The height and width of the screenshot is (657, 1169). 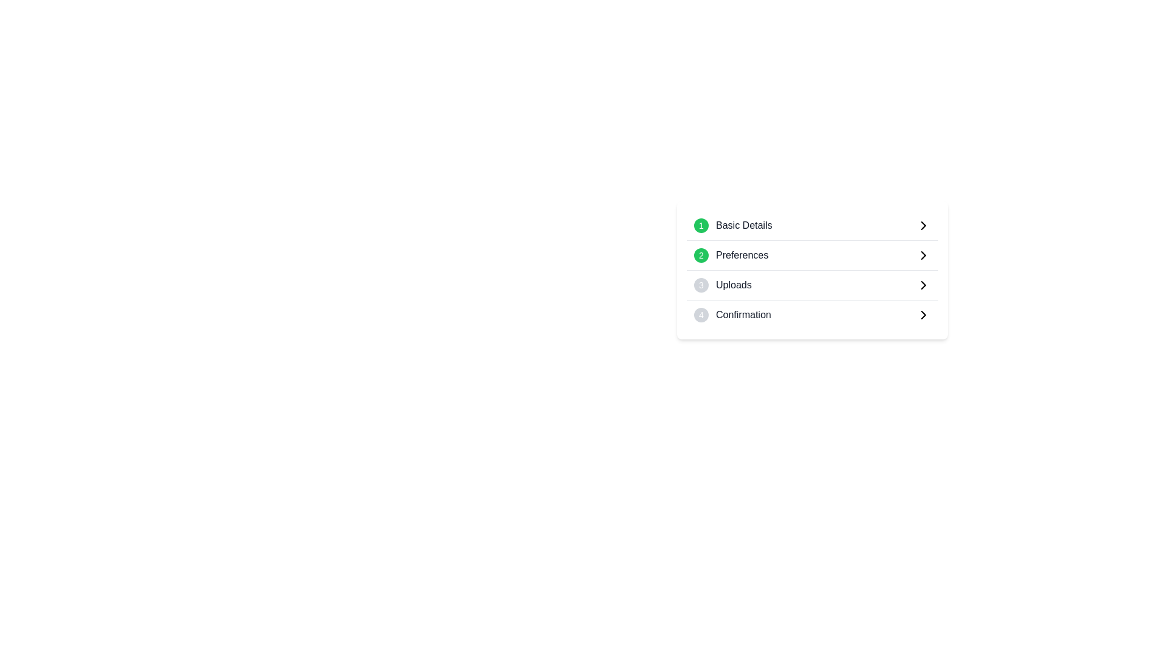 I want to click on the highlighted step indicator section titled '2 Preferences', so click(x=812, y=269).